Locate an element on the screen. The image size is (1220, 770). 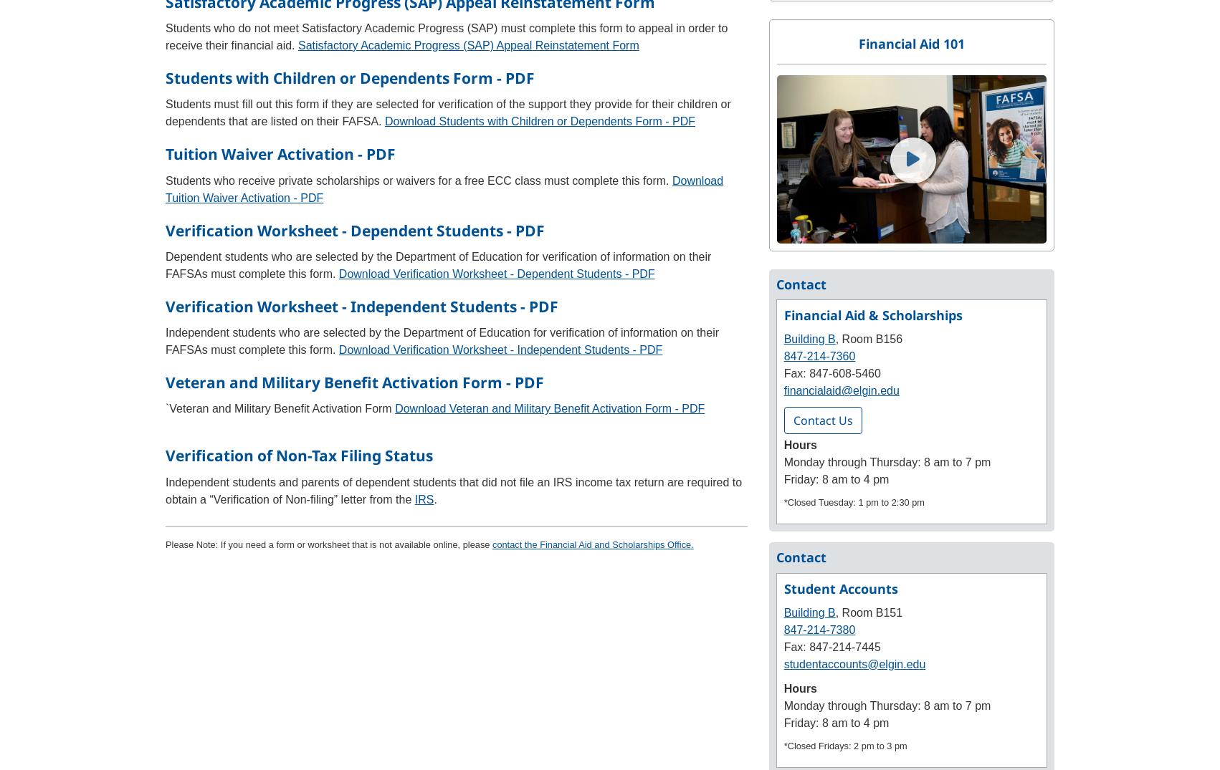
'`Veteran and Military Benefit Activation Form' is located at coordinates (280, 408).